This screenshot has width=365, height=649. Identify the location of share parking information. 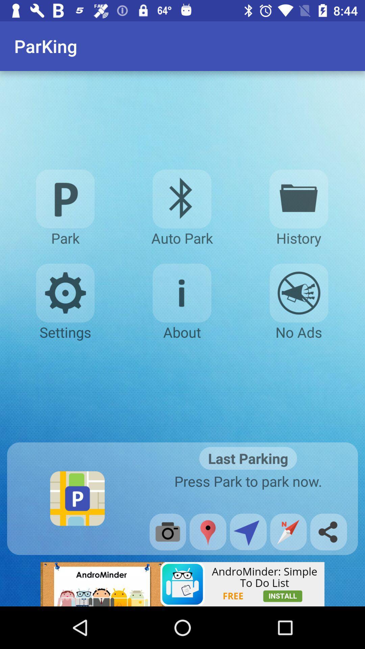
(328, 531).